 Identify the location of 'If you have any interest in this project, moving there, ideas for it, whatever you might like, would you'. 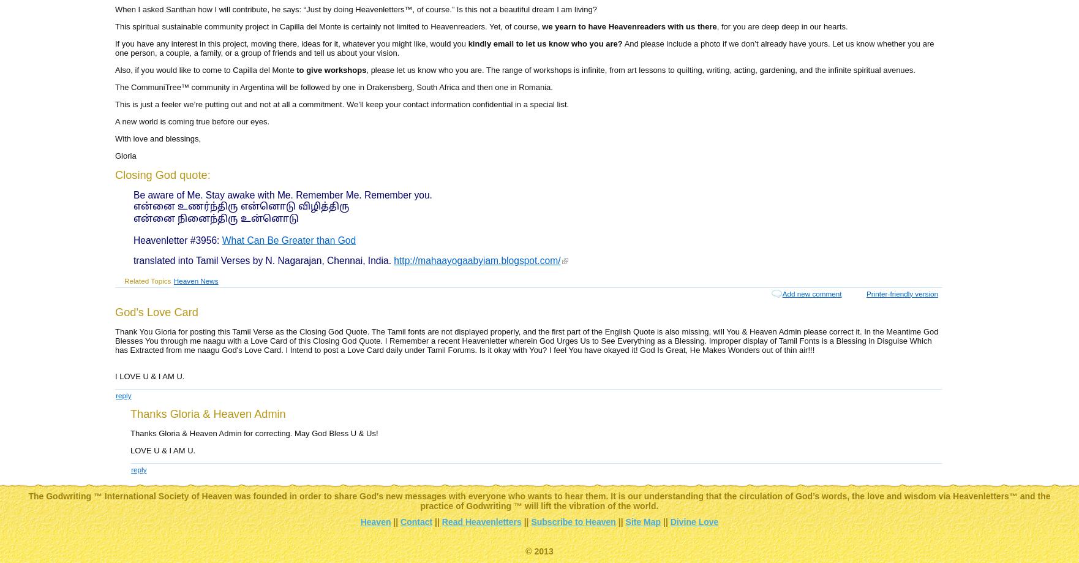
(290, 43).